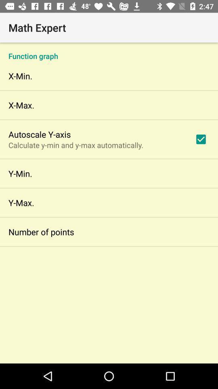 The height and width of the screenshot is (389, 218). I want to click on app below function graph app, so click(200, 139).